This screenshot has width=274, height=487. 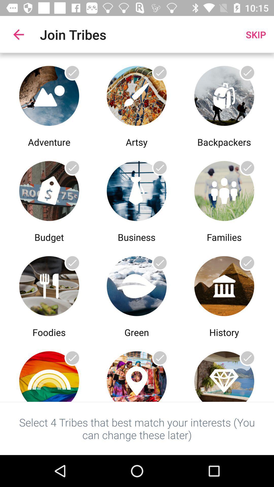 What do you see at coordinates (224, 189) in the screenshot?
I see `families` at bounding box center [224, 189].